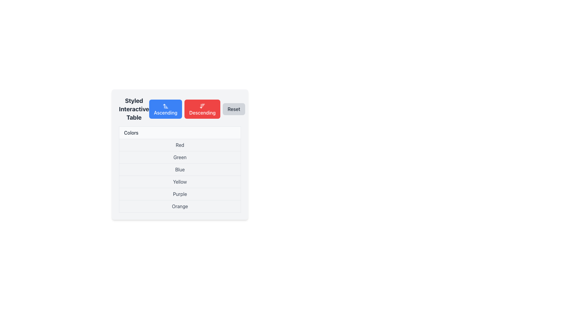  I want to click on the table row displaying 'Orange' at the bottom of the color list to edit its content, so click(179, 206).